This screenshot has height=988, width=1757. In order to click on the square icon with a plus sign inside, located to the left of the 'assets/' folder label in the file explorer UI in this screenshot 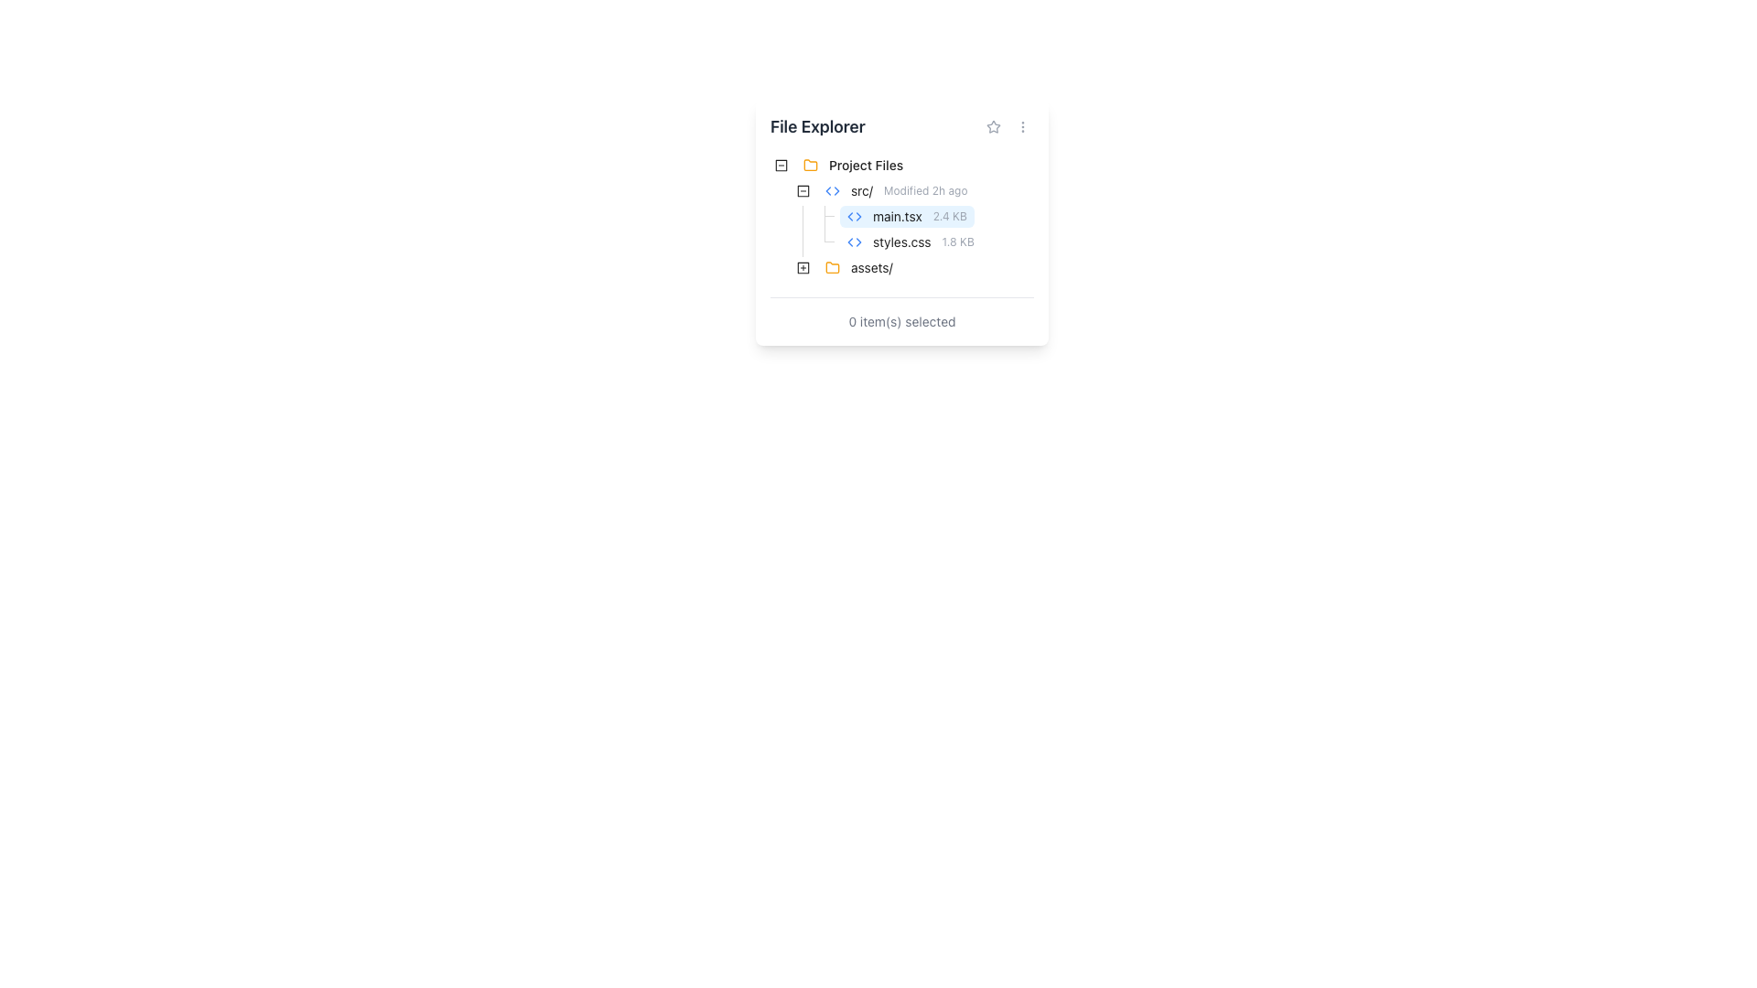, I will do `click(803, 268)`.